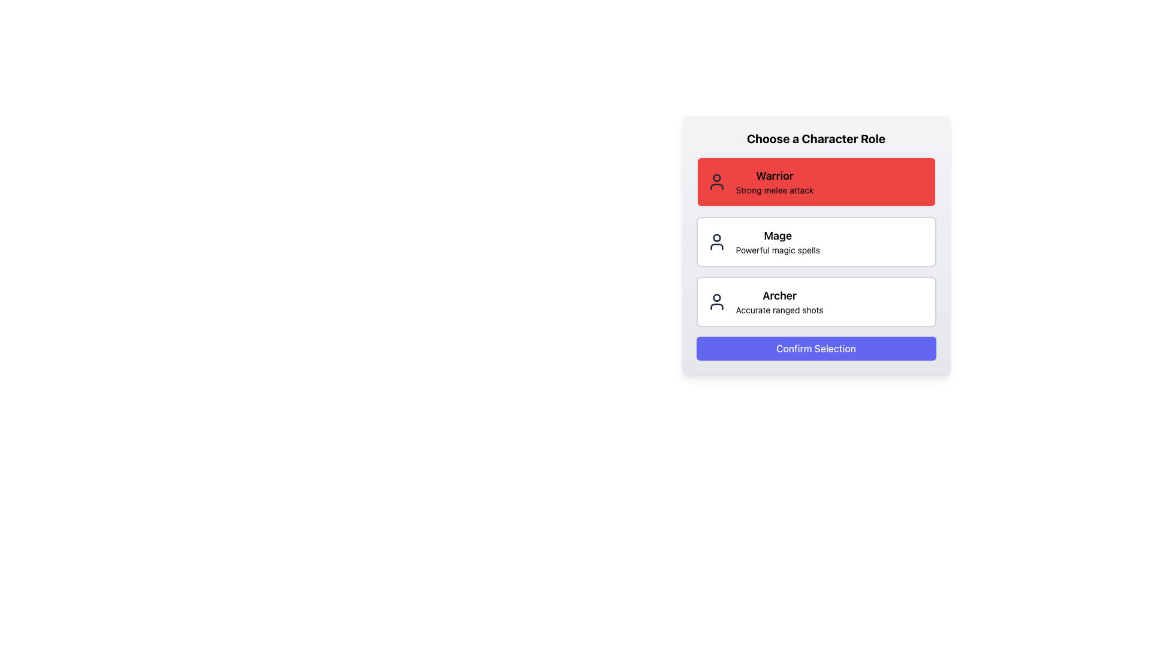 Image resolution: width=1151 pixels, height=647 pixels. What do you see at coordinates (778, 235) in the screenshot?
I see `text element labeled 'Mage', which identifies the second character role option in the selection list` at bounding box center [778, 235].